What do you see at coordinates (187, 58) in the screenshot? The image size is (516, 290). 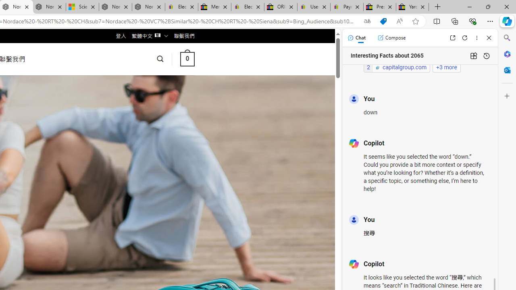 I see `'  0  '` at bounding box center [187, 58].